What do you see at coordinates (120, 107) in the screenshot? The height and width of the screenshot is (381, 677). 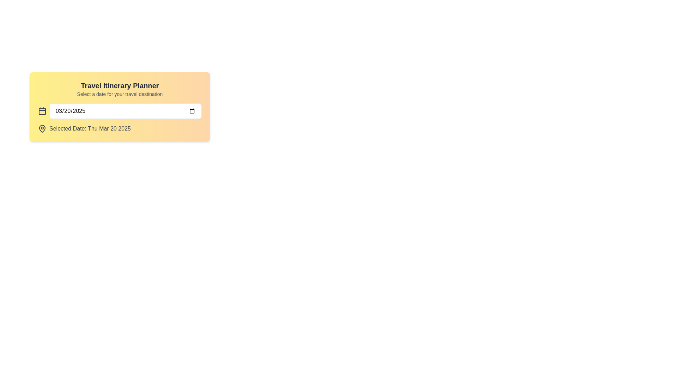 I see `the calendar icon in the interactive date selection tool` at bounding box center [120, 107].